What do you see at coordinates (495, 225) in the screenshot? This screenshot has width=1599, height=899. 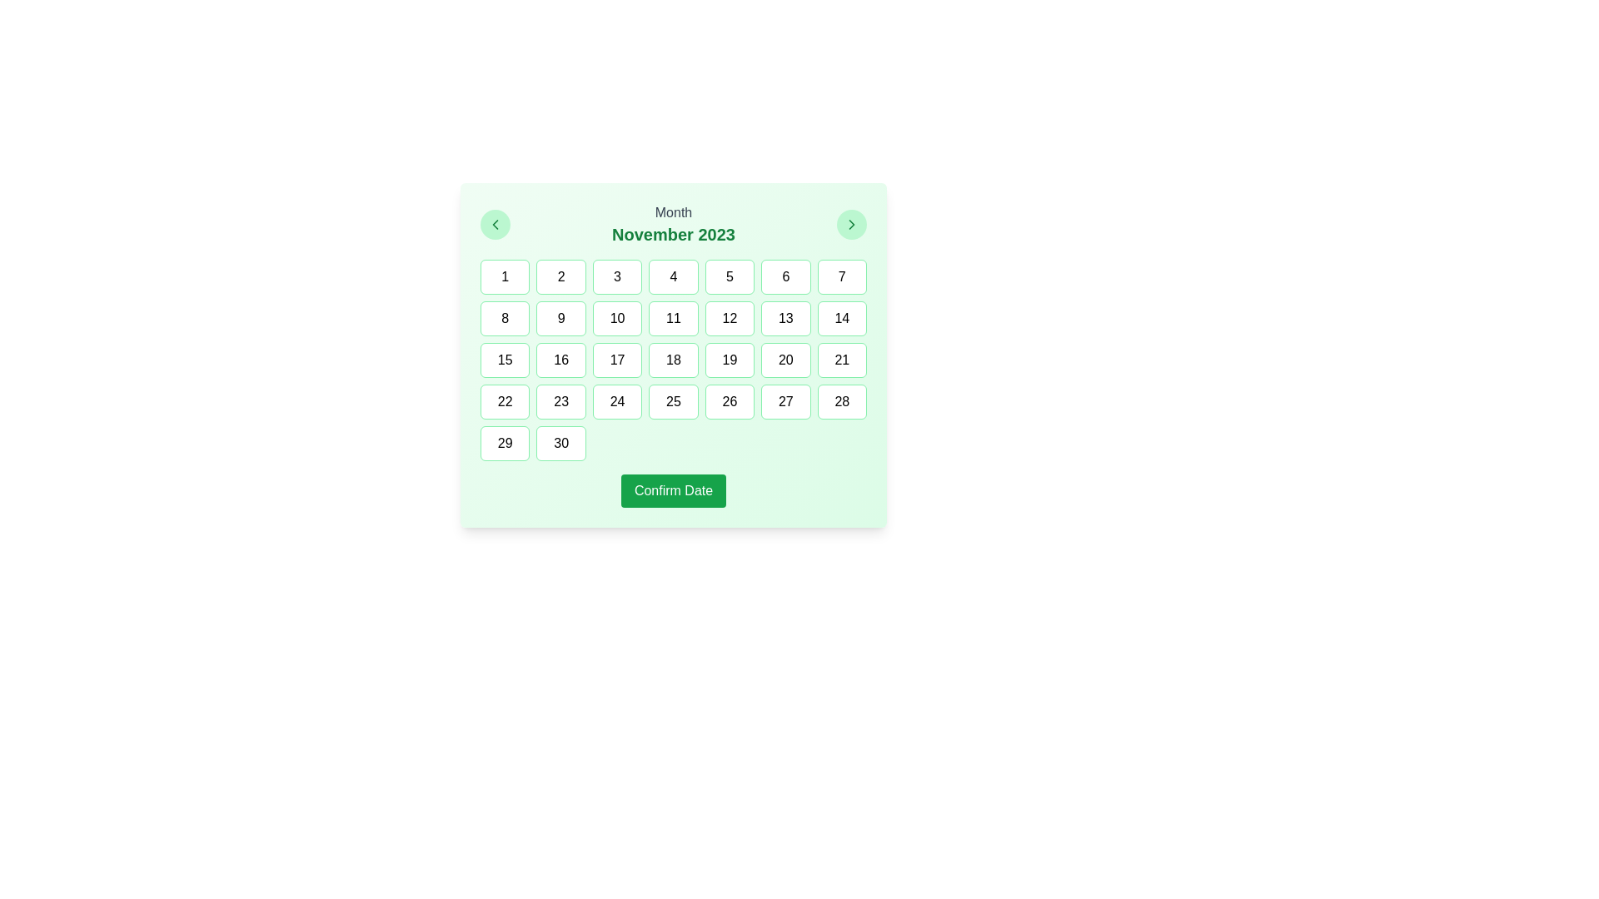 I see `the button located at the far left of the header section labeled 'Month November 2023'` at bounding box center [495, 225].